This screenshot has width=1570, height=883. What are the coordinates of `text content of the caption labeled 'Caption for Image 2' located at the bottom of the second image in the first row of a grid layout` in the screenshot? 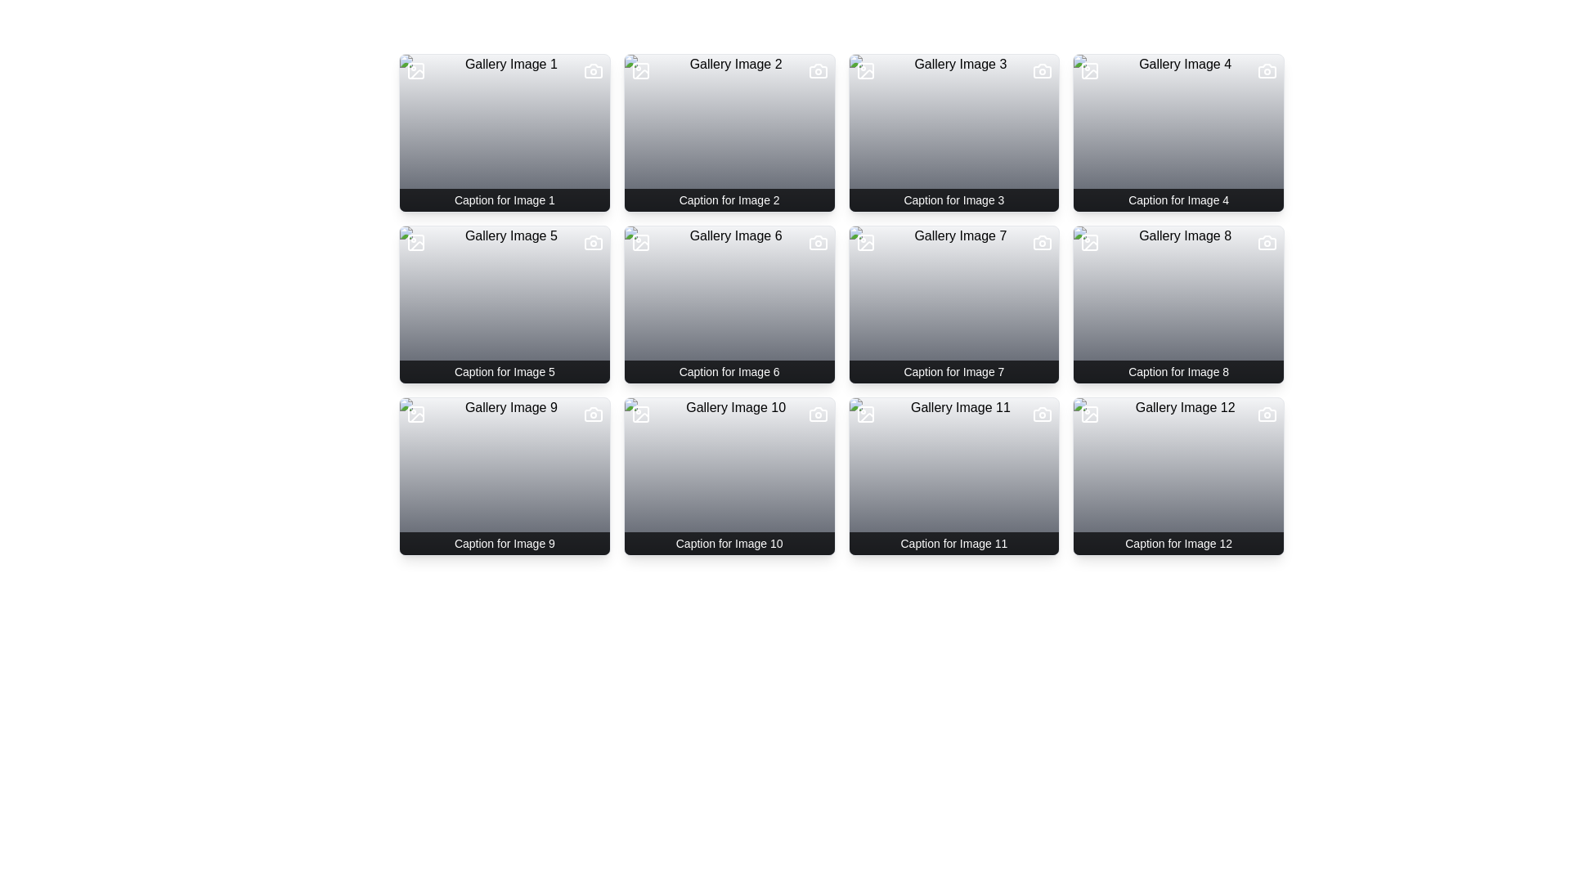 It's located at (729, 199).